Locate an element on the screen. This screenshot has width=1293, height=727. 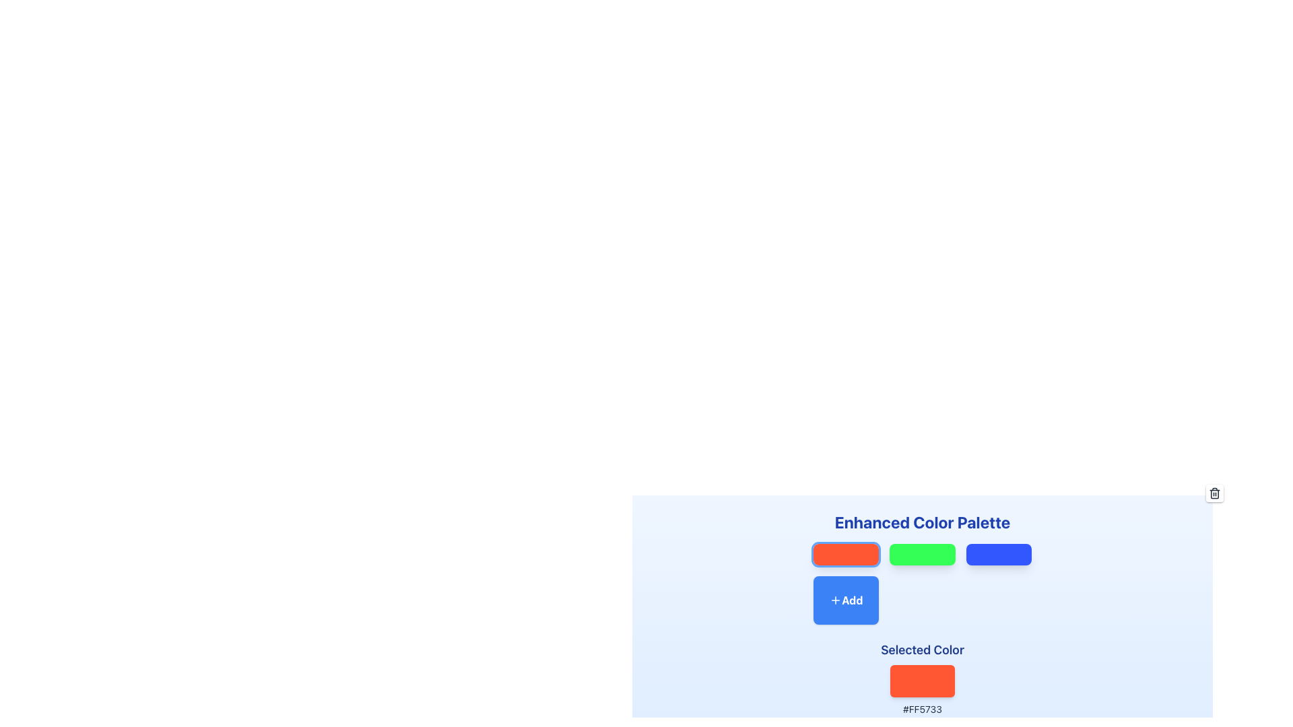
the text element displaying 'Selected Color' in large, bold blue font, positioned at the top of the color palette display is located at coordinates (921, 649).